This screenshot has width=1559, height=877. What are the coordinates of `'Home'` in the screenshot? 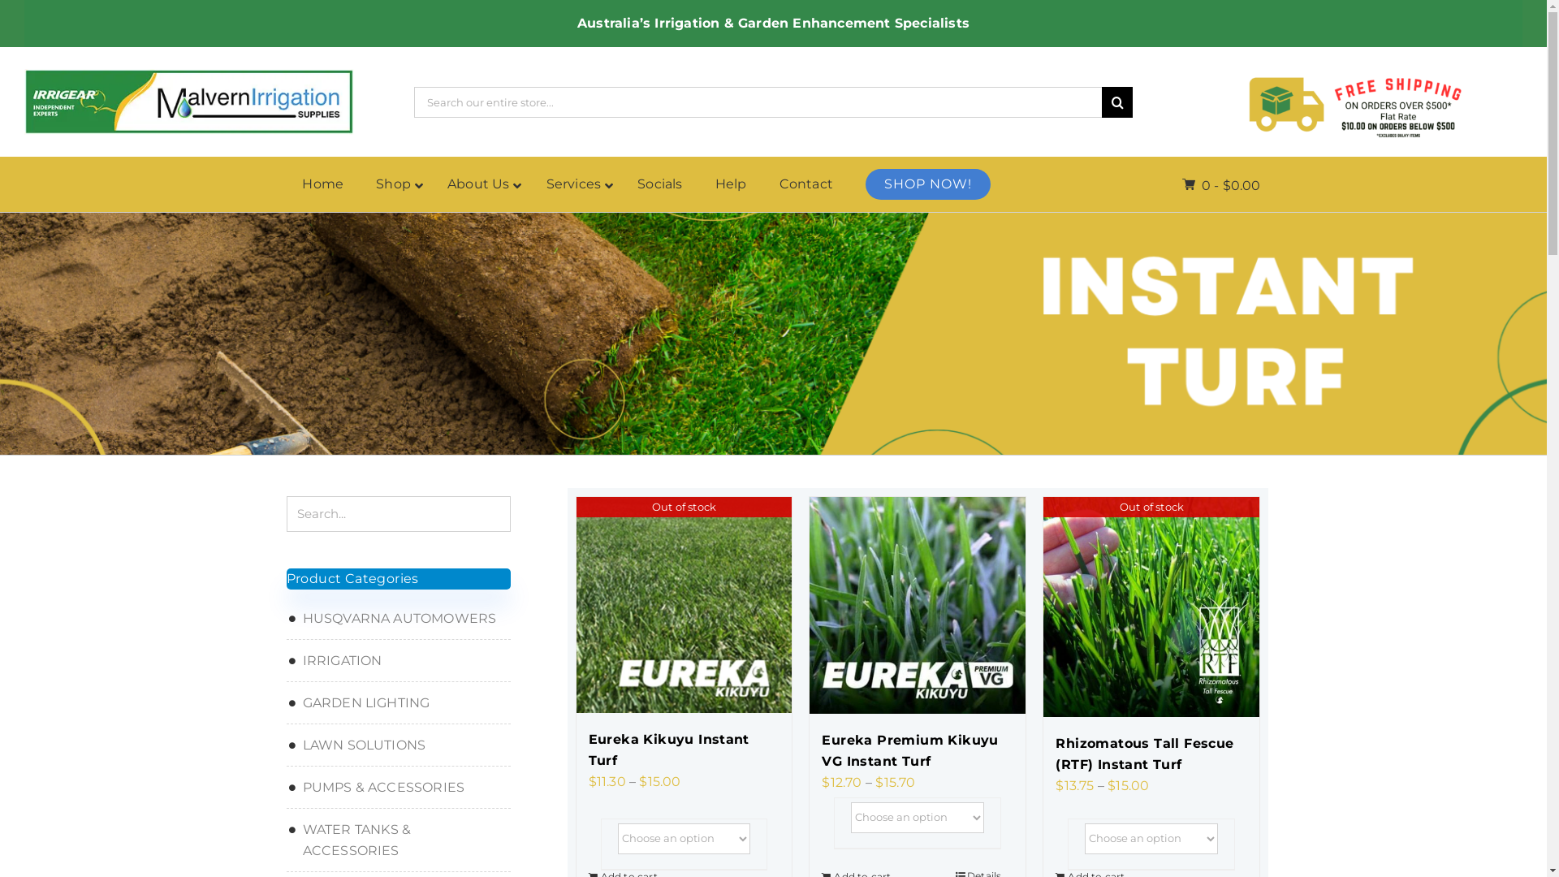 It's located at (285, 184).